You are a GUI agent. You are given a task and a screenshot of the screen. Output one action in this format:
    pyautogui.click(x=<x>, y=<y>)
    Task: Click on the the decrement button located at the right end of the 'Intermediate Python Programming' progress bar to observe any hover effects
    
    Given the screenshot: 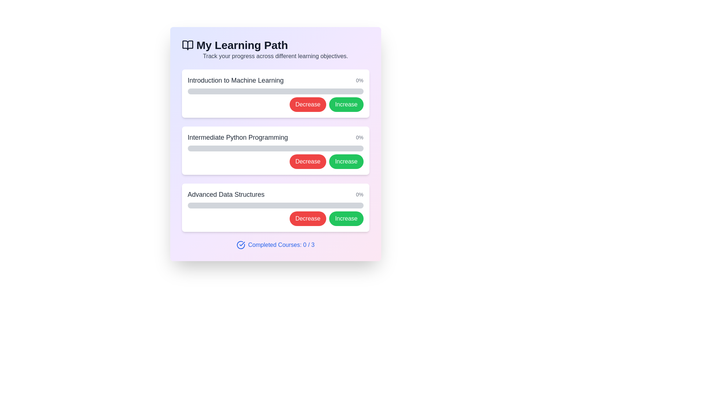 What is the action you would take?
    pyautogui.click(x=308, y=161)
    